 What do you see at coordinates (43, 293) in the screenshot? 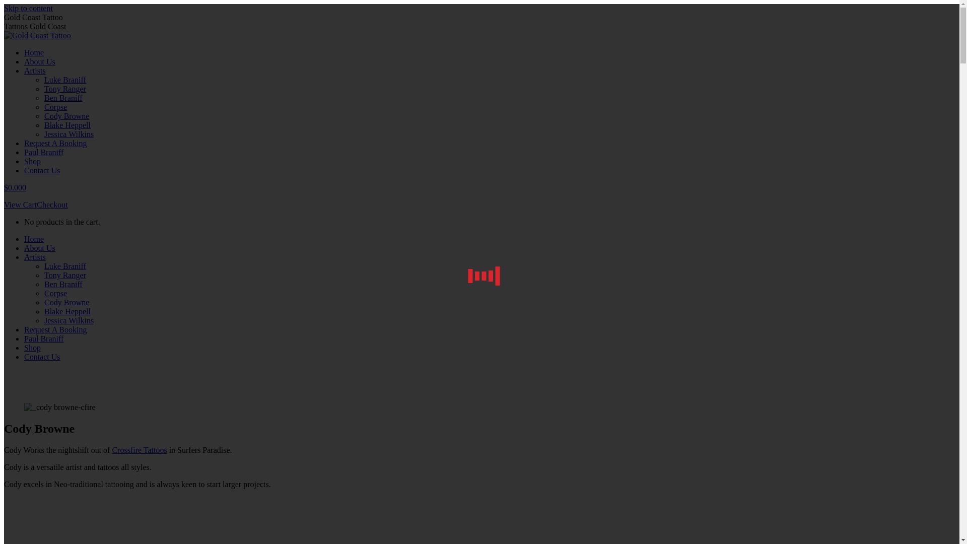
I see `'Corpse'` at bounding box center [43, 293].